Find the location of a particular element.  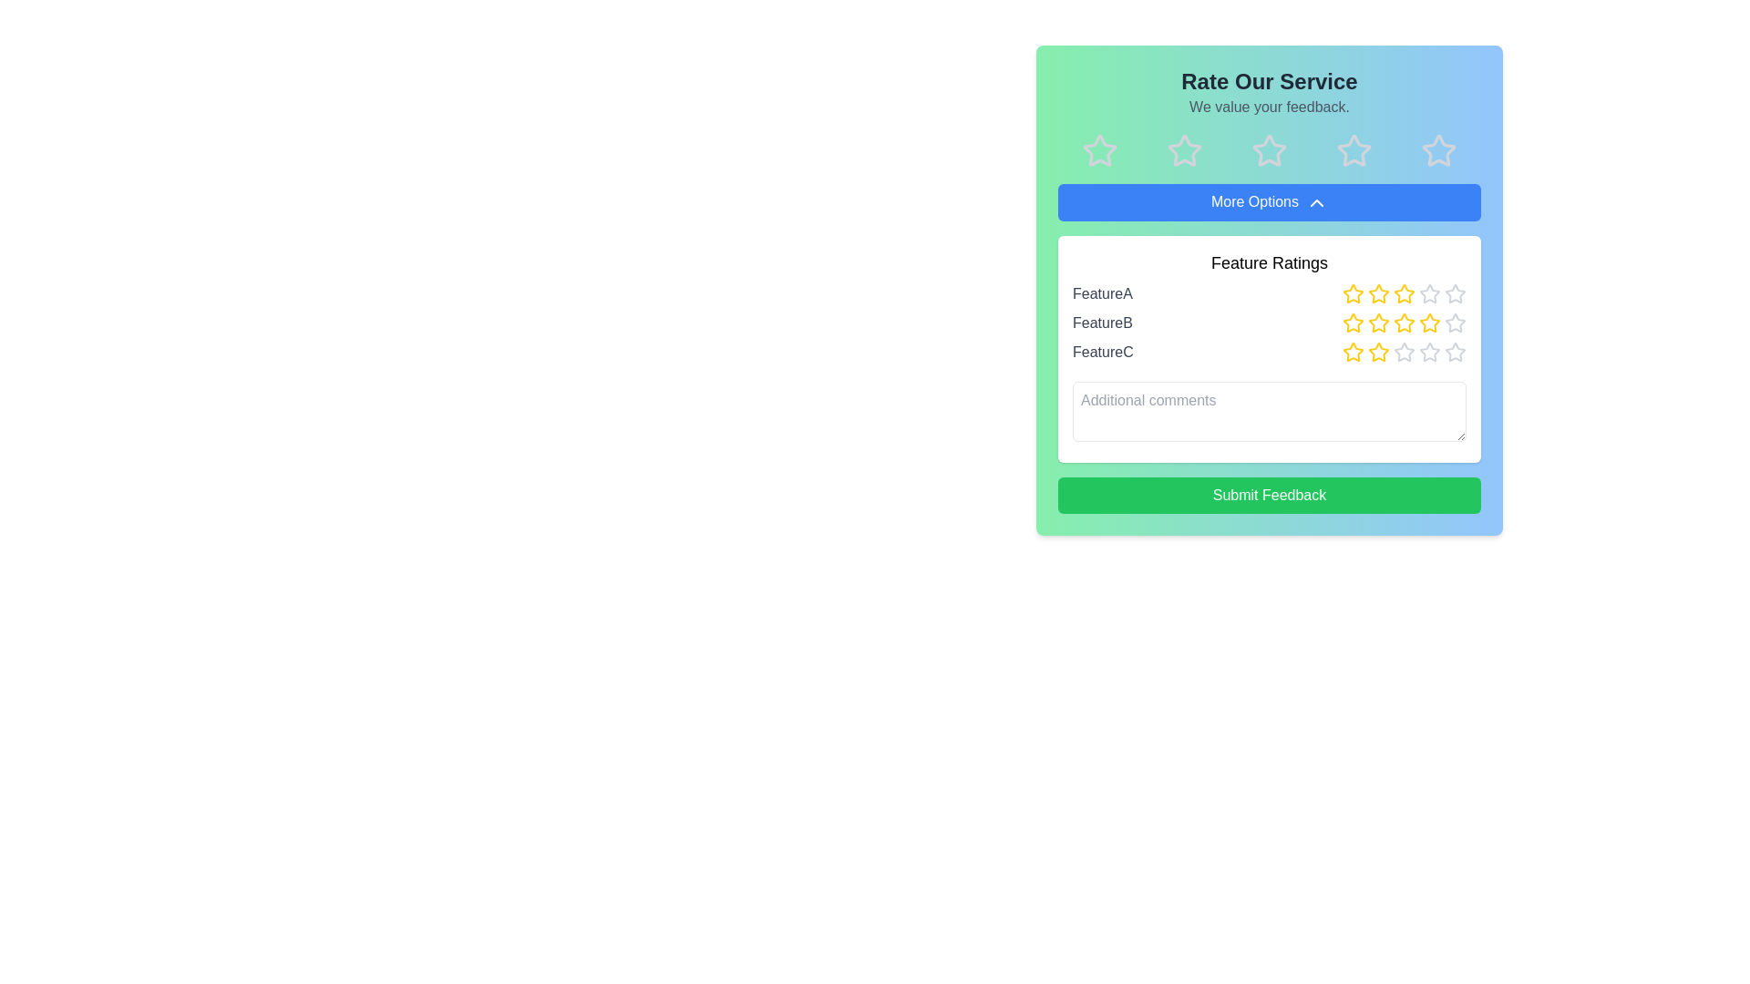

the 'FeatureB' text label, which is styled in gray and is the second item in the 'Feature Ratings' section is located at coordinates (1101, 322).